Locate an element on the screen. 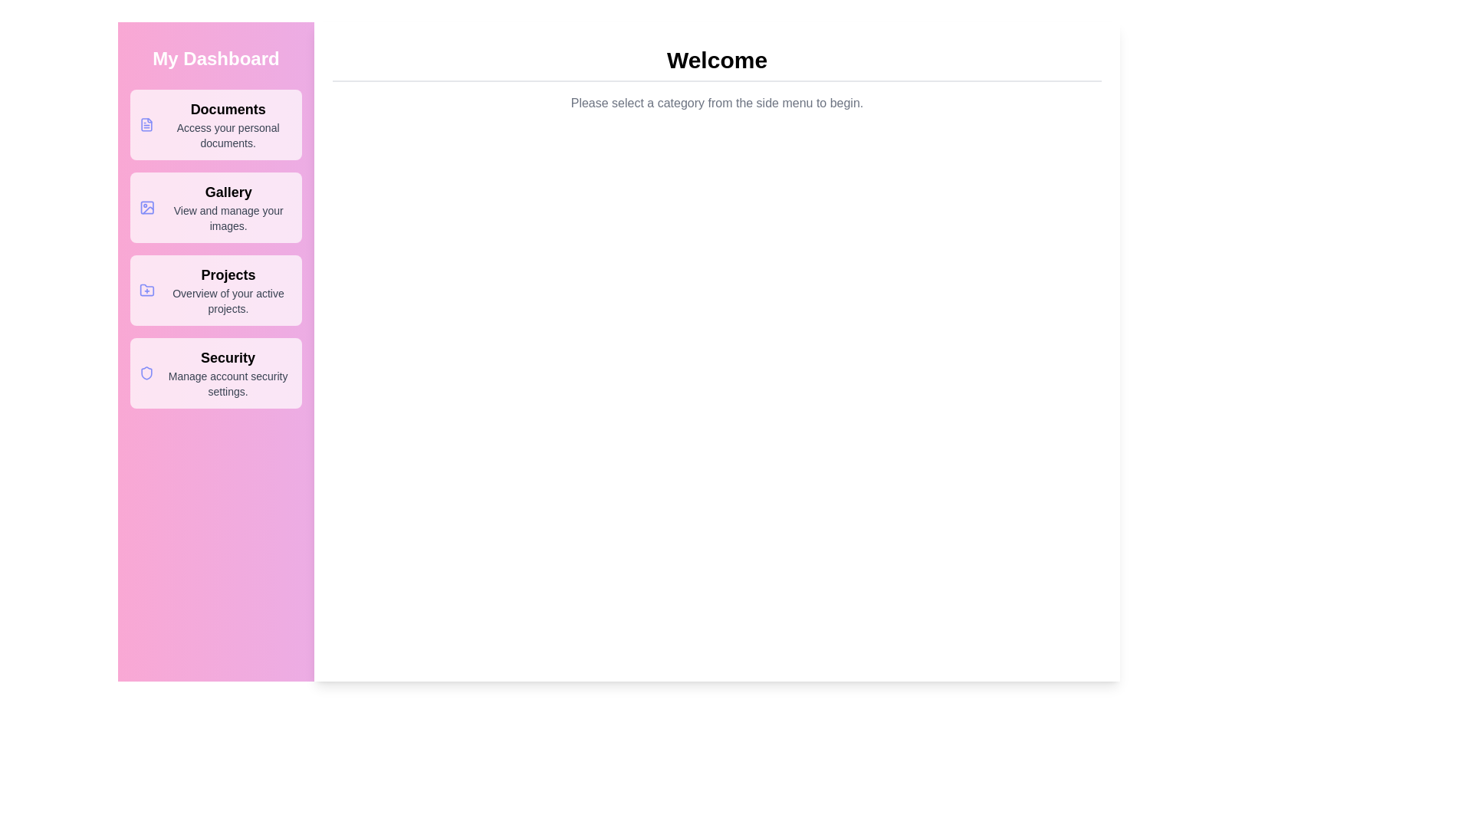  the menu item labeled Security to view its hover state is located at coordinates (215, 373).